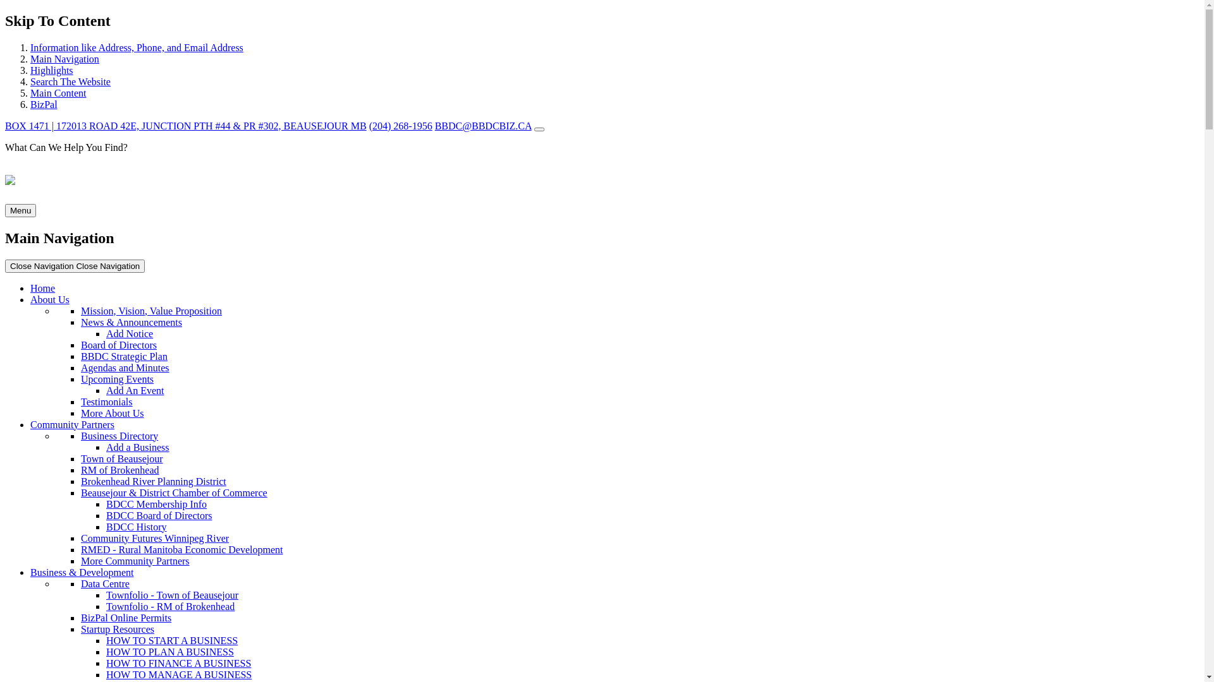  I want to click on 'Close Navigation Close Navigation', so click(74, 265).